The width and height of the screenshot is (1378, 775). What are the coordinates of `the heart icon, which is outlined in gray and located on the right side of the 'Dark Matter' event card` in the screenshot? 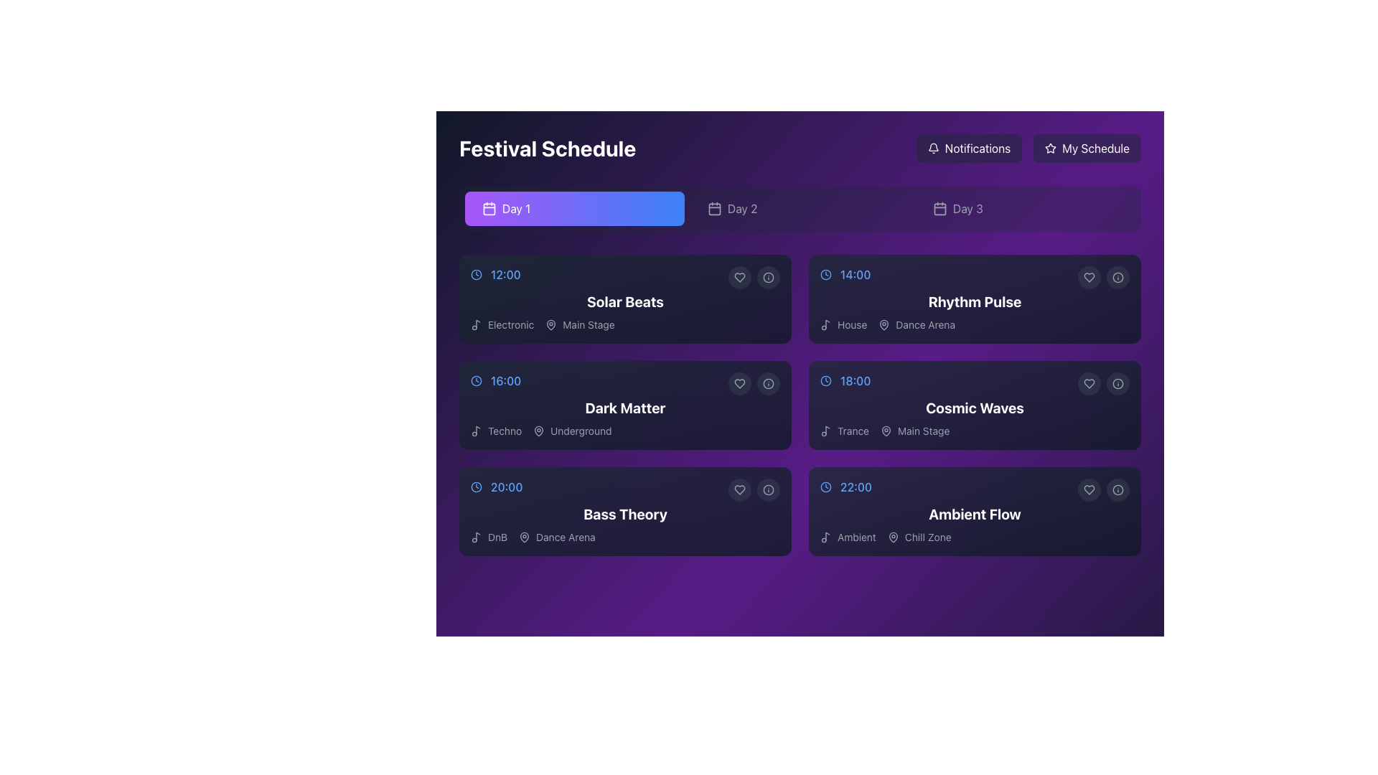 It's located at (740, 383).